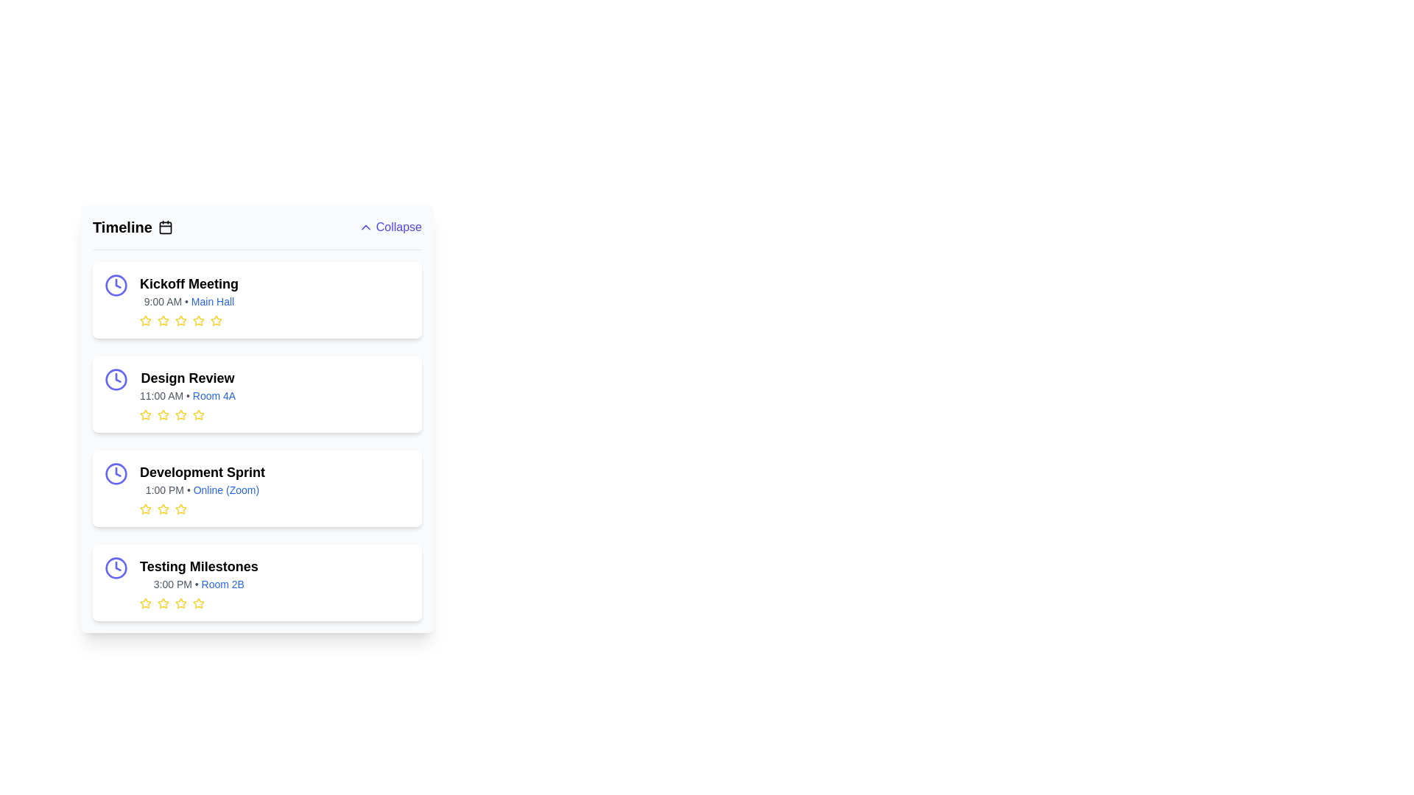 The width and height of the screenshot is (1414, 795). What do you see at coordinates (201, 508) in the screenshot?
I see `the yellow star icons in the Rating Component located in the 'Development Sprint' section below '1:00 PM • Online (Zoom)'` at bounding box center [201, 508].